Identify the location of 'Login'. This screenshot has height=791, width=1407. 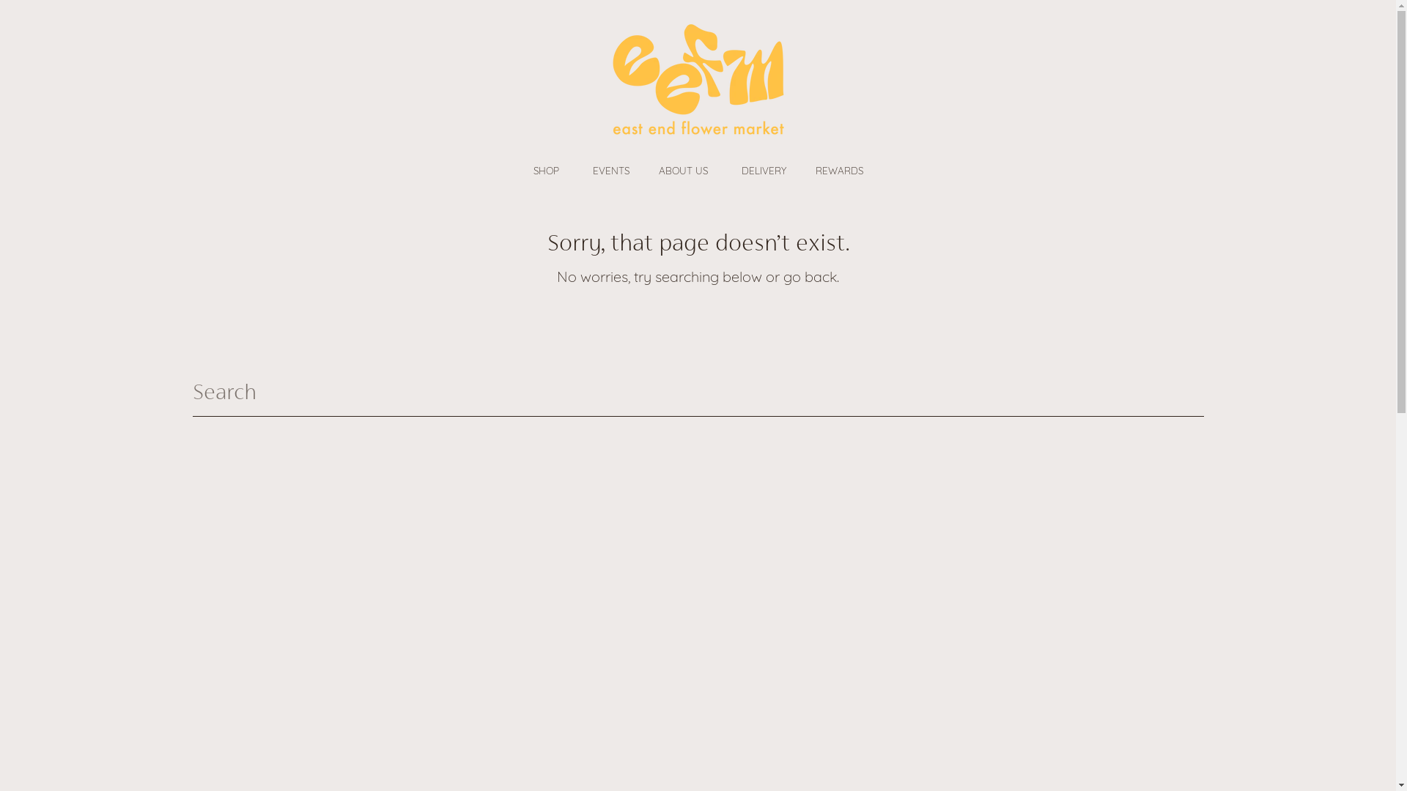
(211, 82).